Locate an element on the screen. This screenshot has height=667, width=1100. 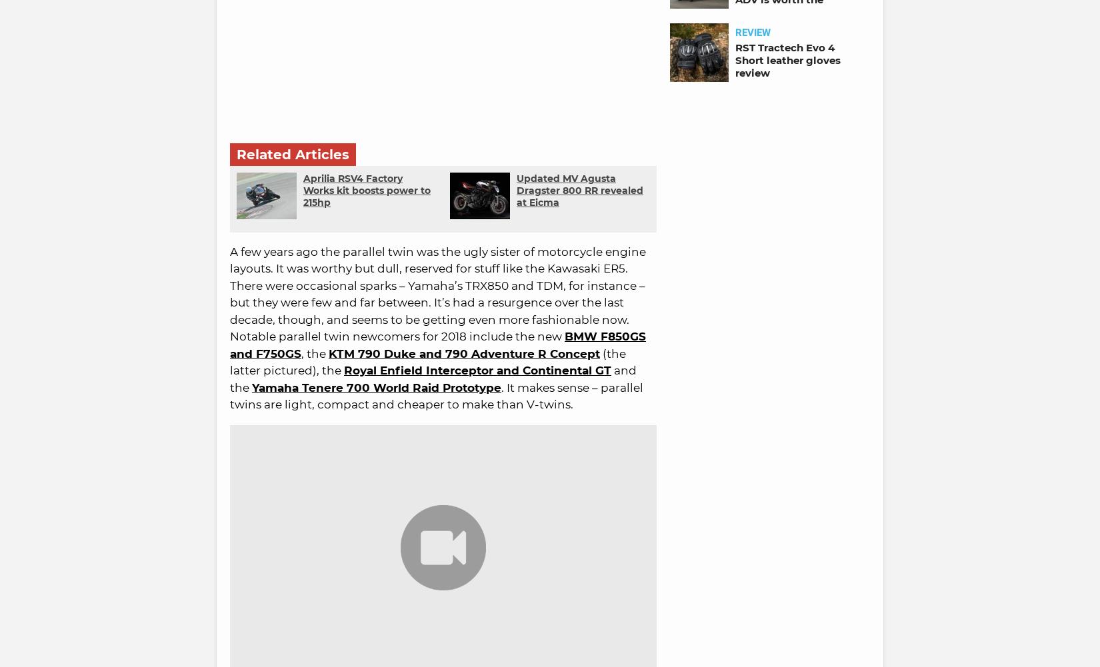
'and the' is located at coordinates (230, 378).